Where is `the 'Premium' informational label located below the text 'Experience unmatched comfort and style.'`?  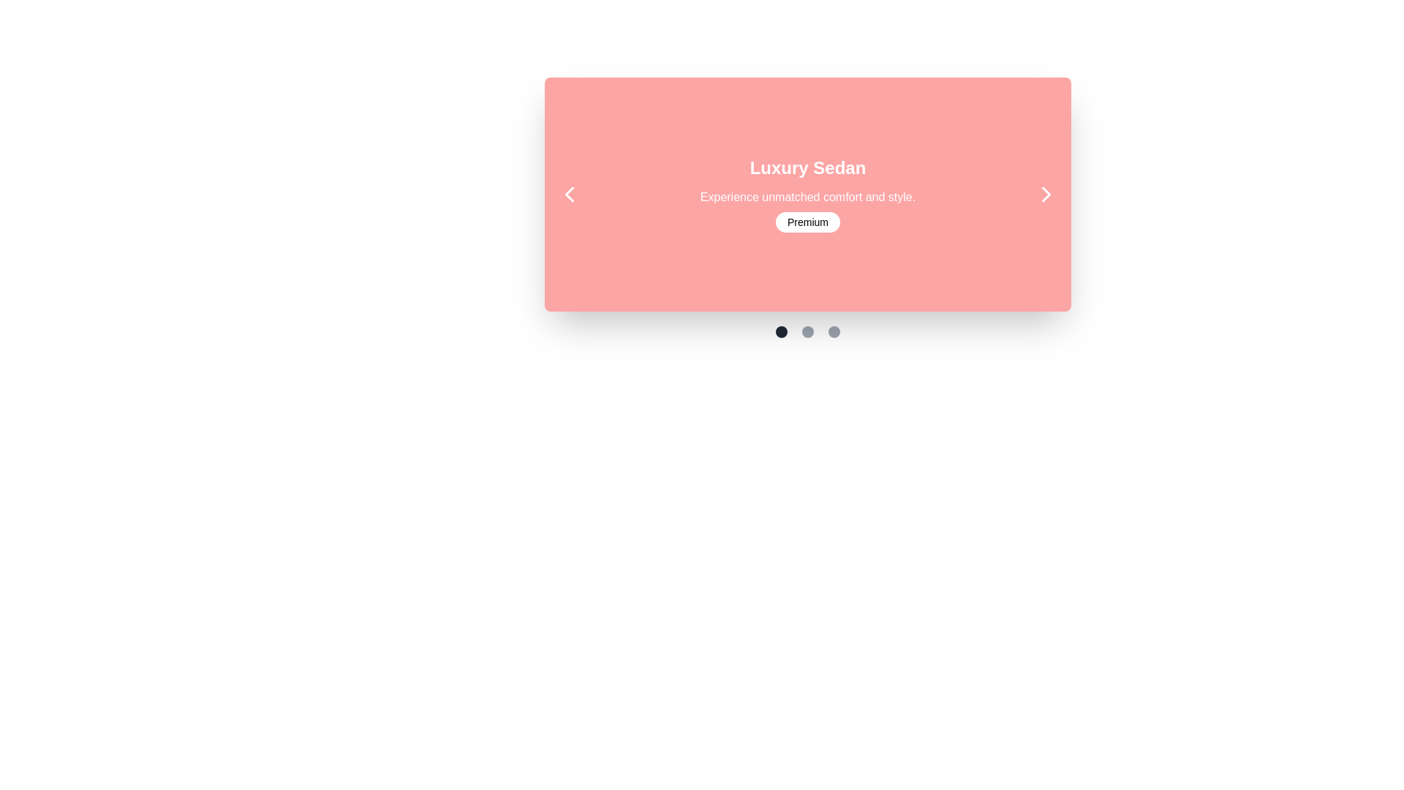
the 'Premium' informational label located below the text 'Experience unmatched comfort and style.' is located at coordinates (807, 222).